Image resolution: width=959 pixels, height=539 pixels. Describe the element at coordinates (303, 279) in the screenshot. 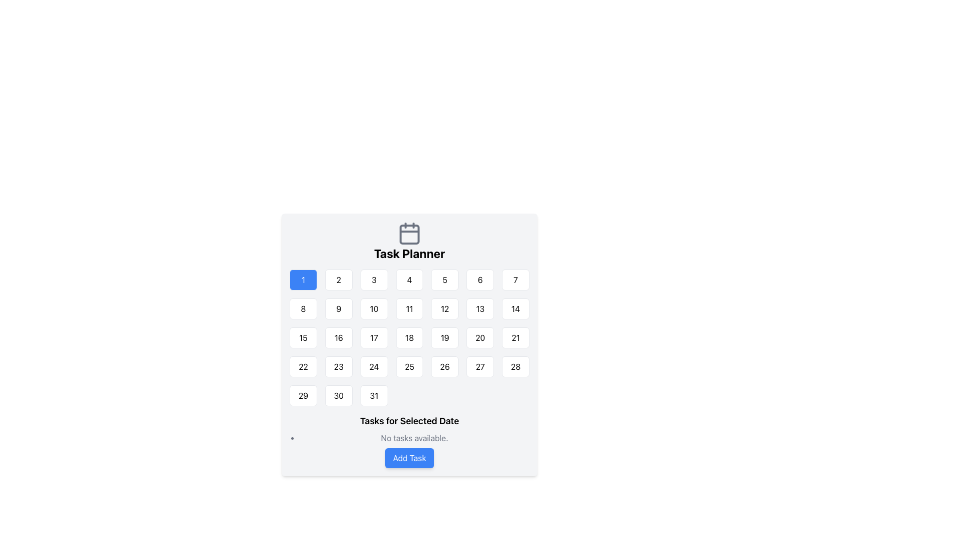

I see `the first selectable date button in the calendar interface located at the top-left corner of the grid` at that location.